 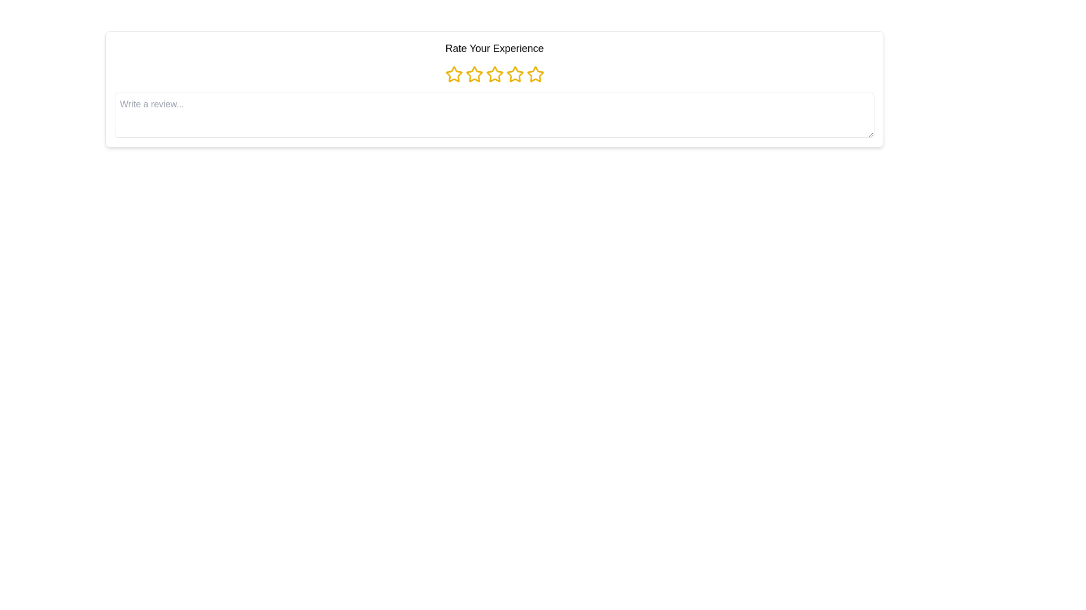 What do you see at coordinates (494, 74) in the screenshot?
I see `the third star-shaped icon in the rating component beneath the text 'Rate Your Experience'` at bounding box center [494, 74].